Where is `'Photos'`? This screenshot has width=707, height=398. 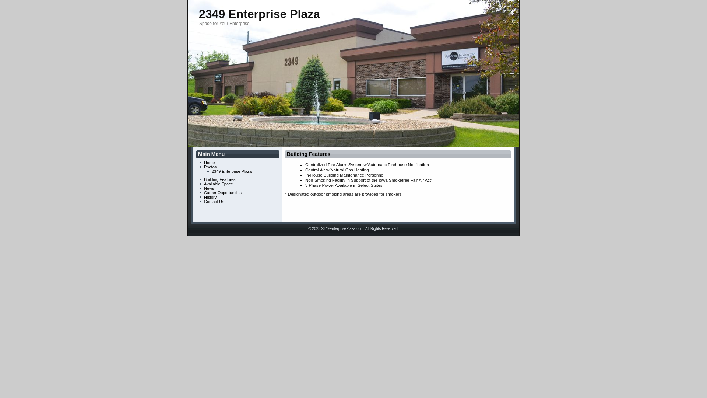
'Photos' is located at coordinates (210, 167).